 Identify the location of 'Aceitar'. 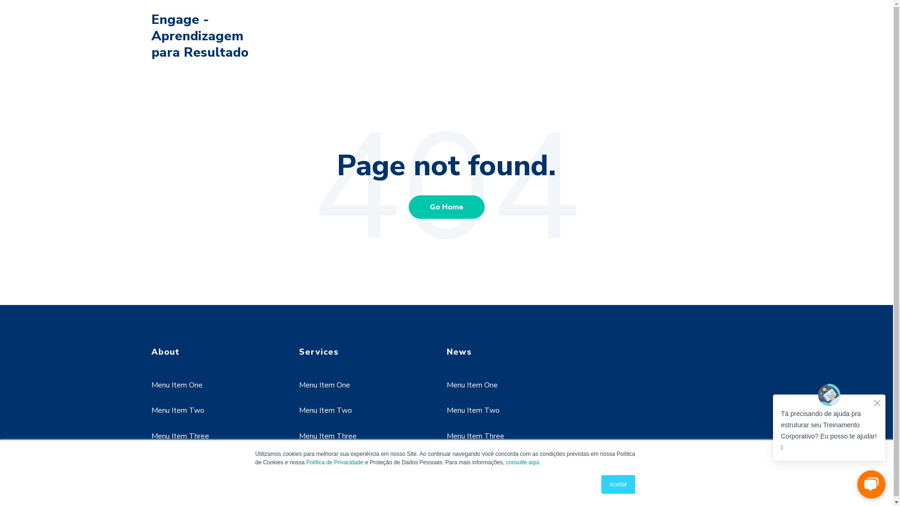
(618, 484).